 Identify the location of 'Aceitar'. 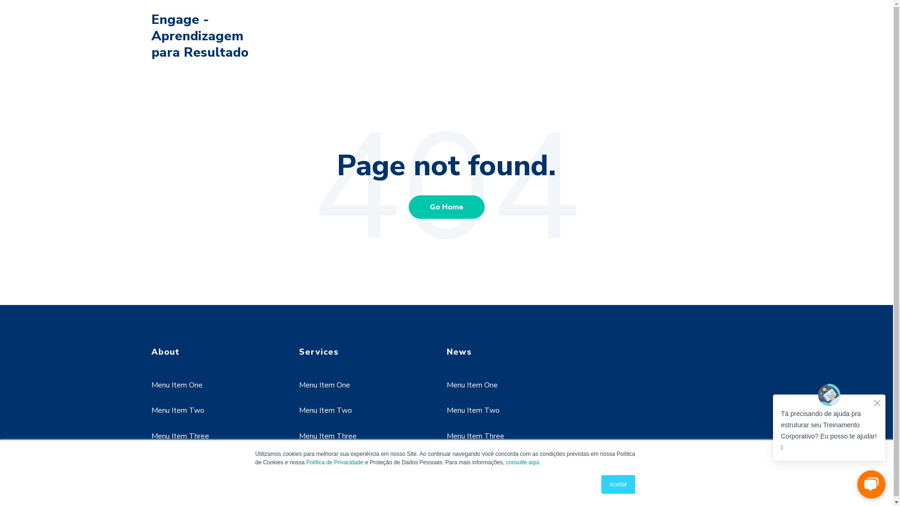
(618, 484).